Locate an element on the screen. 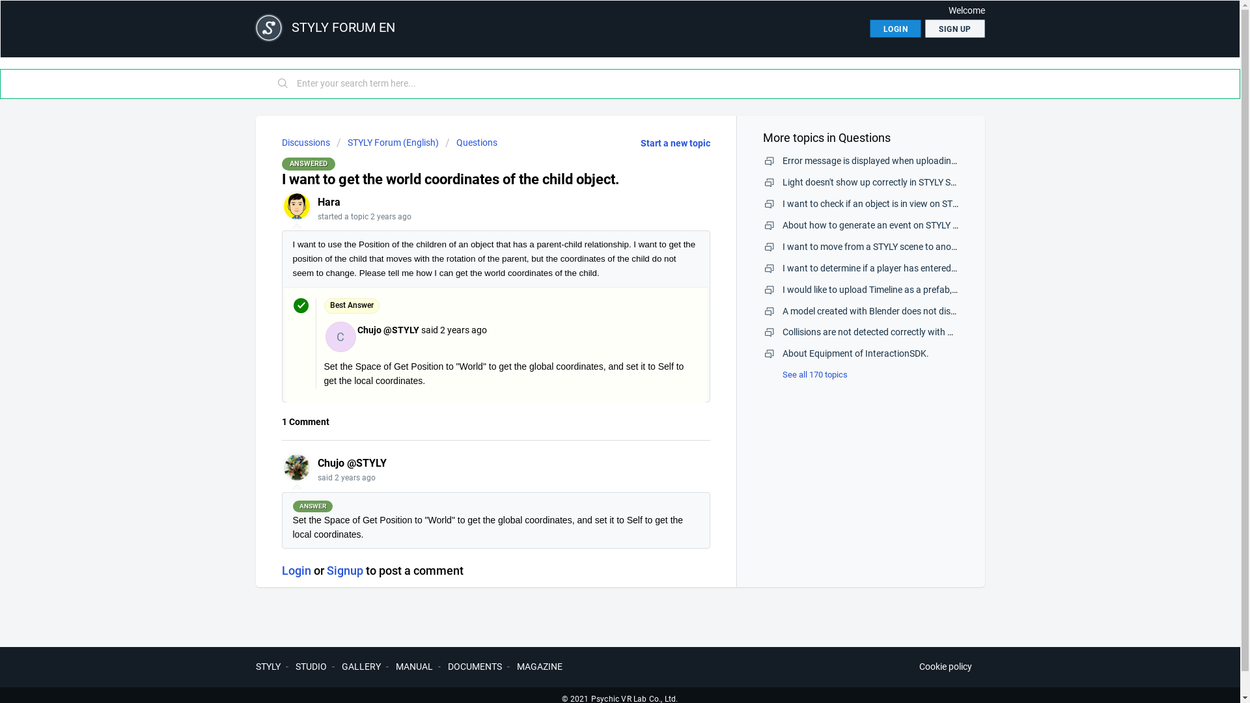 This screenshot has width=1250, height=703. 'Light doesn't show up correctly in STYLY Studio.' is located at coordinates (878, 182).